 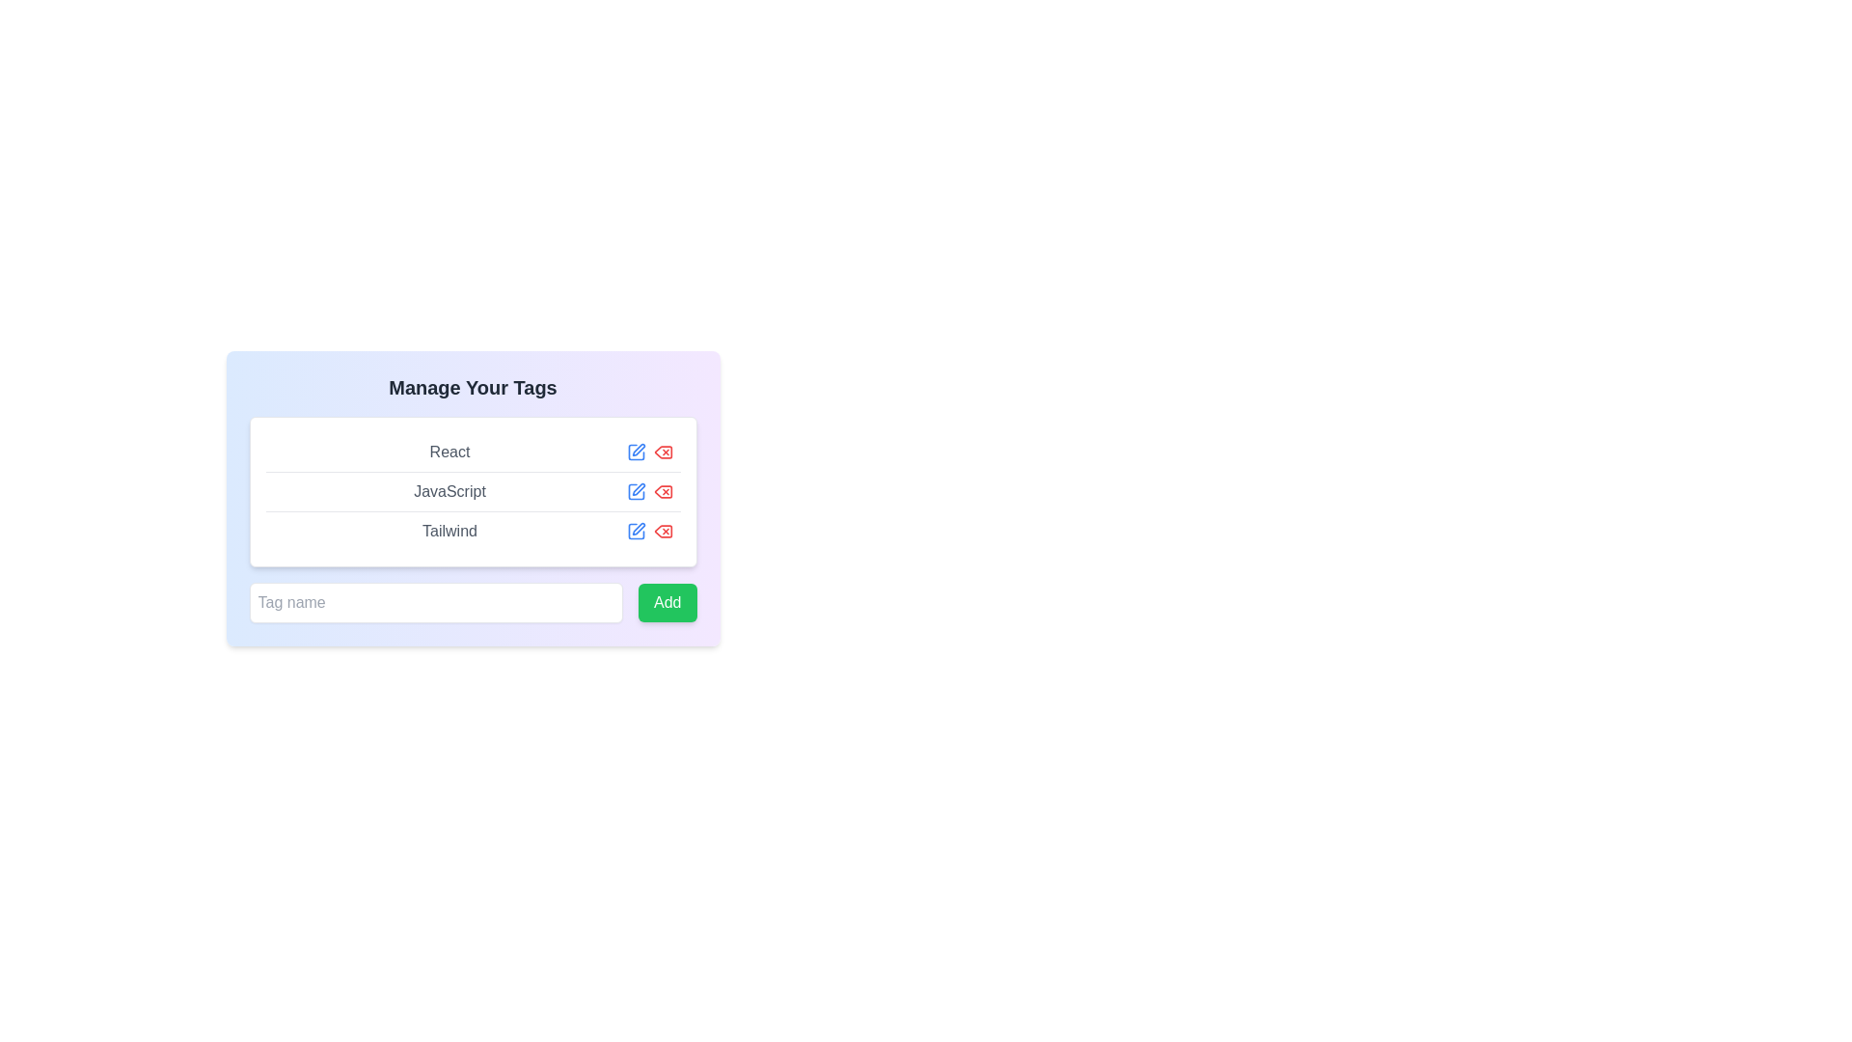 What do you see at coordinates (649, 490) in the screenshot?
I see `the red eye-cross icon within the Composite component that allows toggling the visibility of the tag associated with 'JavaScript' in the second row of the table` at bounding box center [649, 490].